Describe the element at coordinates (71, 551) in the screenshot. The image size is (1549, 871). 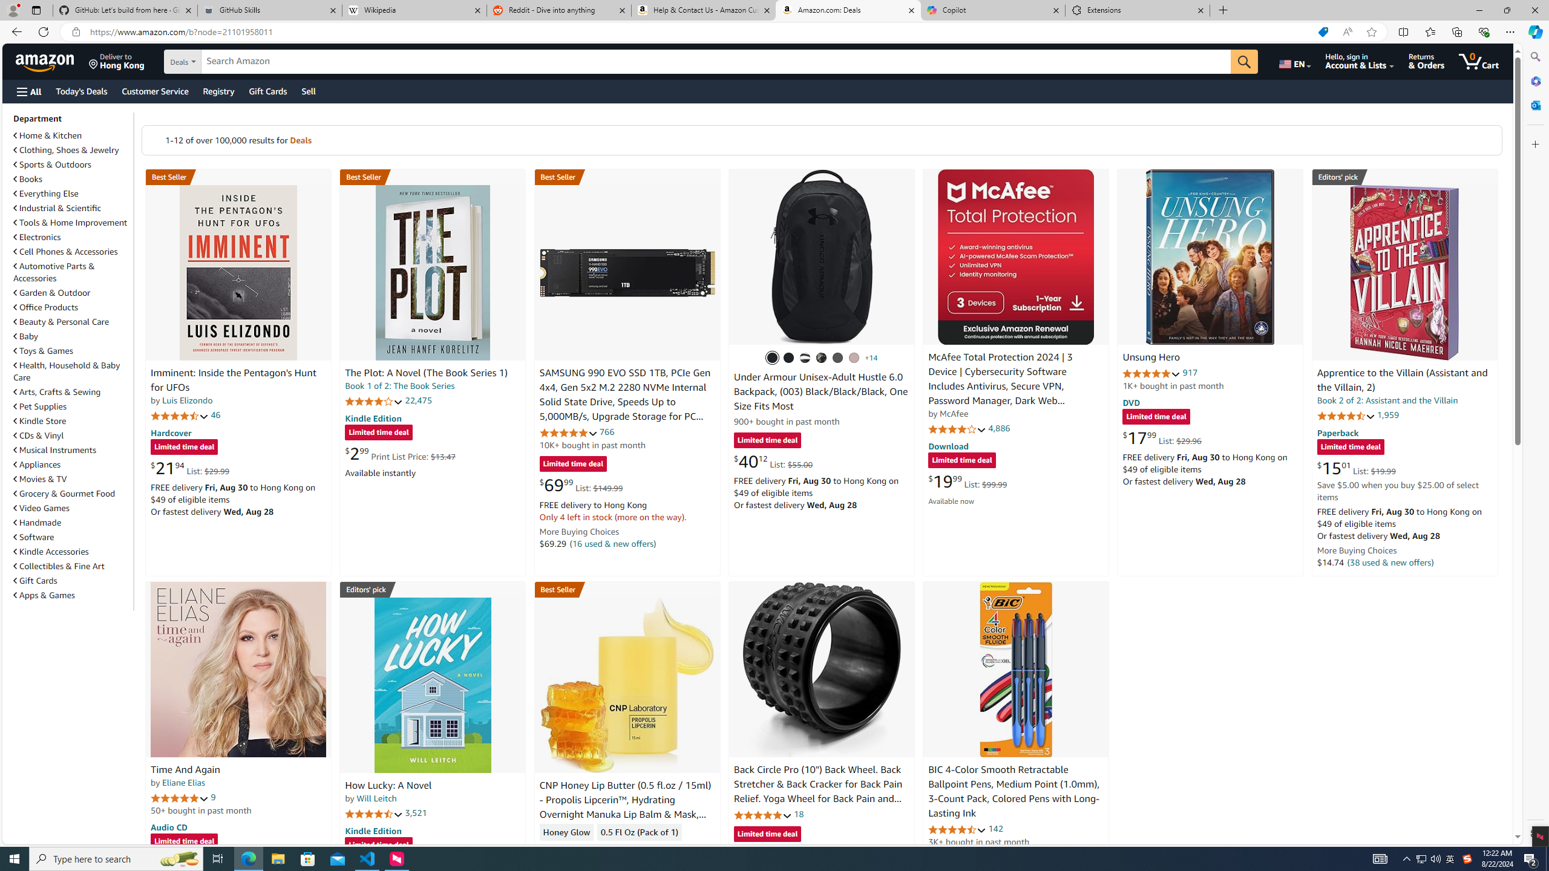
I see `'Kindle Accessories'` at that location.